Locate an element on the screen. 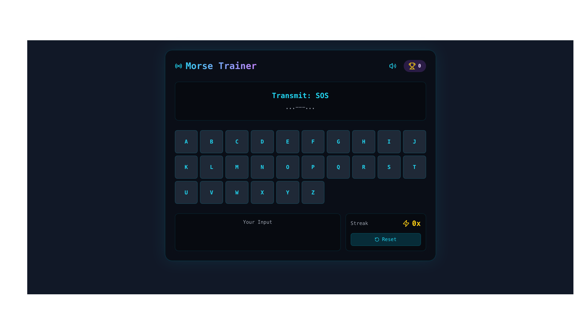 Image resolution: width=581 pixels, height=327 pixels. the square-shaped button with a rounded corner design that has a dark gray background, cyan border, and displays the letter 'H' in cyan, located in the first row of alphabetic buttons between 'G' and 'I' is located at coordinates (363, 141).